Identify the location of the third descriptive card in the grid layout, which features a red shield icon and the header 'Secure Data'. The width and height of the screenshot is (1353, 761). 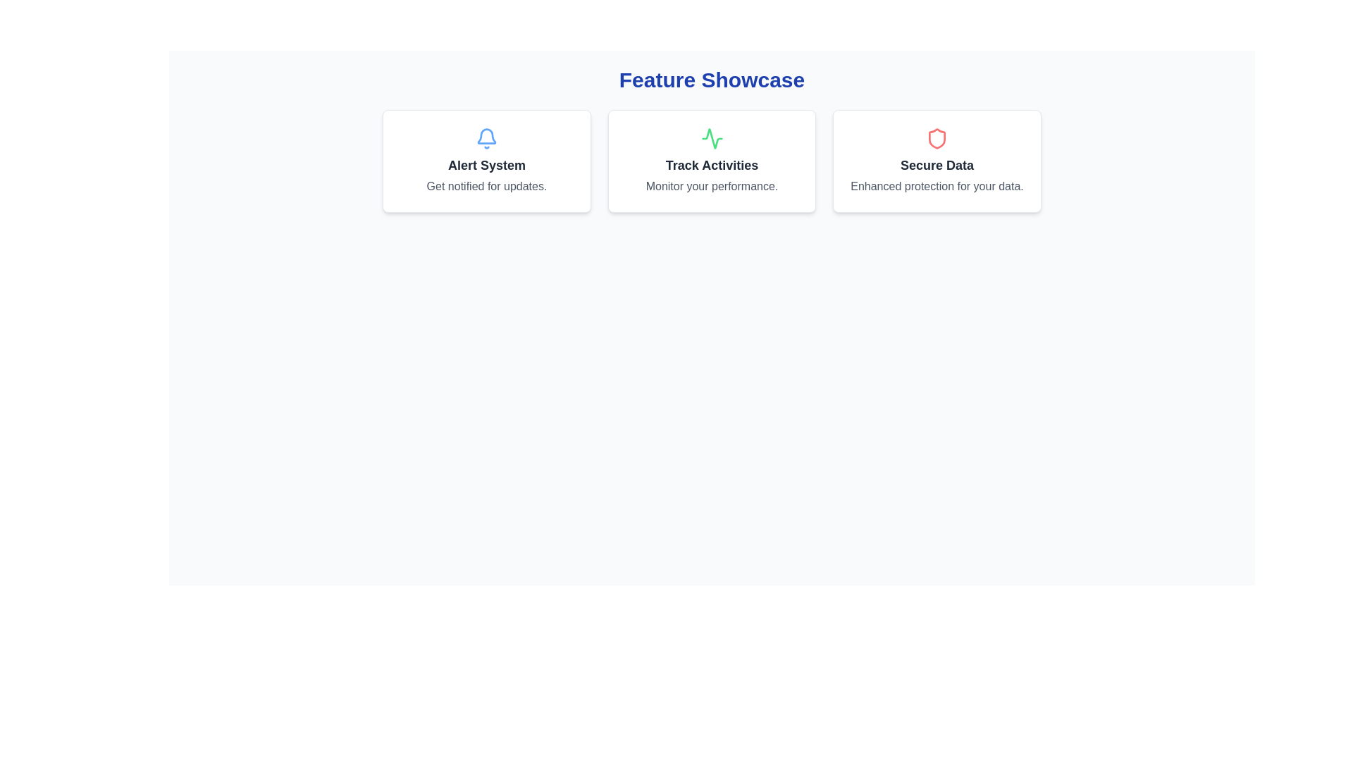
(937, 160).